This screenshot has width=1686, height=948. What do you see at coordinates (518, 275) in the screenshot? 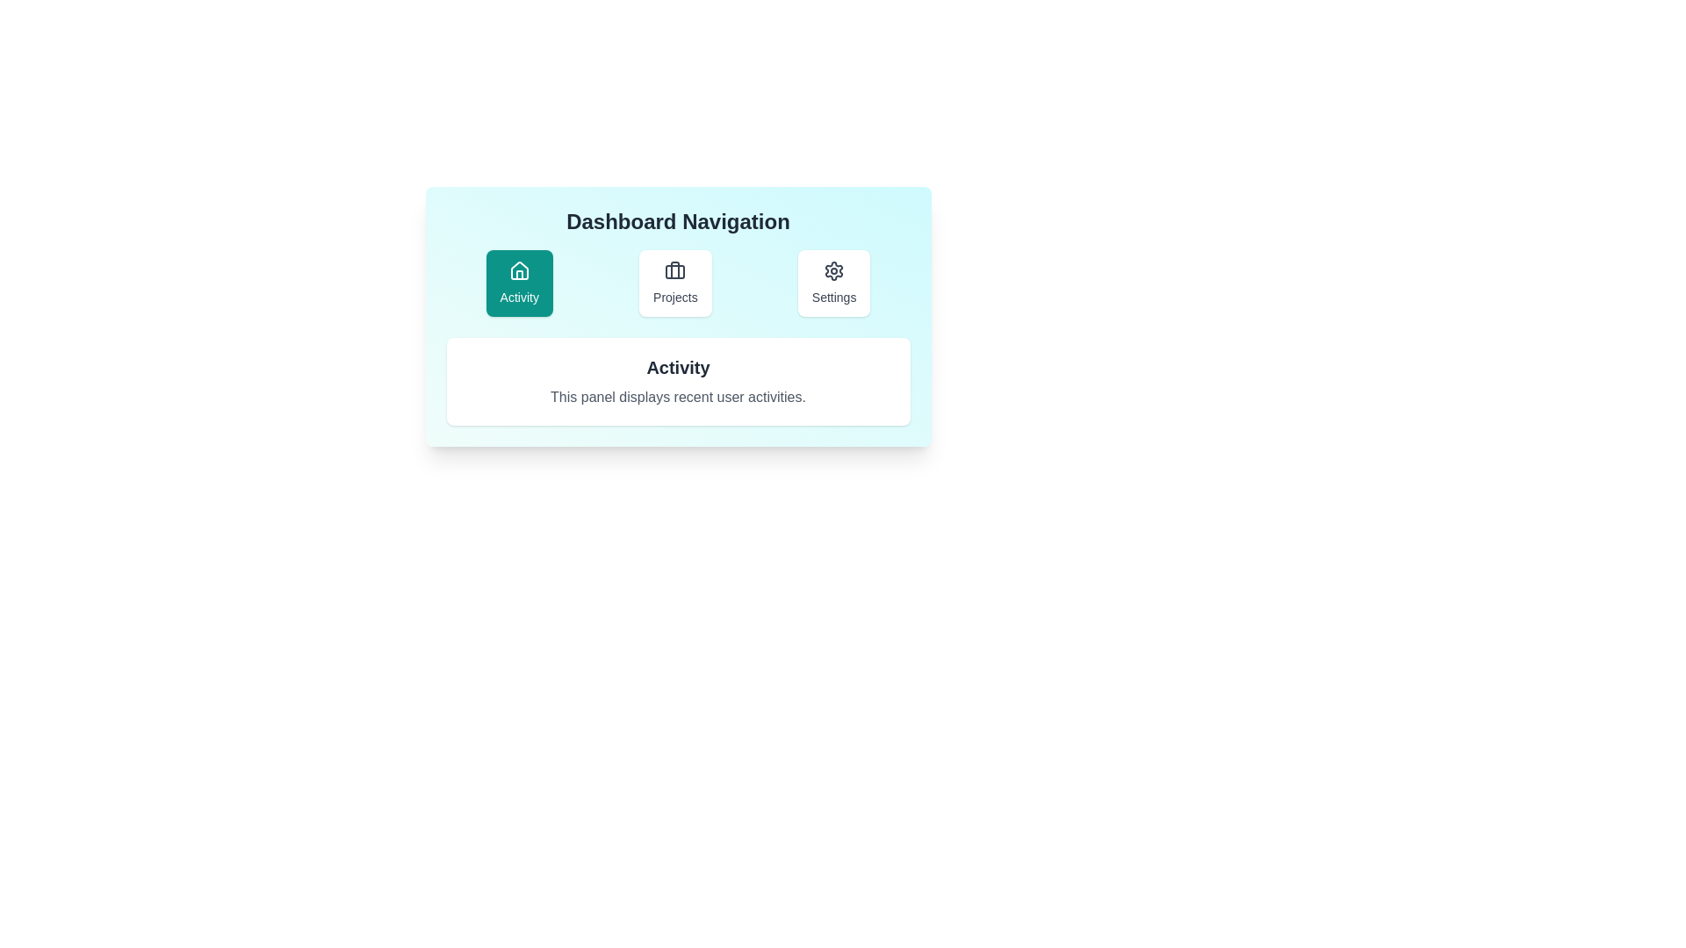
I see `the vertical structure part of the house icon within the 'Activity' button in the dashboard navigation` at bounding box center [518, 275].